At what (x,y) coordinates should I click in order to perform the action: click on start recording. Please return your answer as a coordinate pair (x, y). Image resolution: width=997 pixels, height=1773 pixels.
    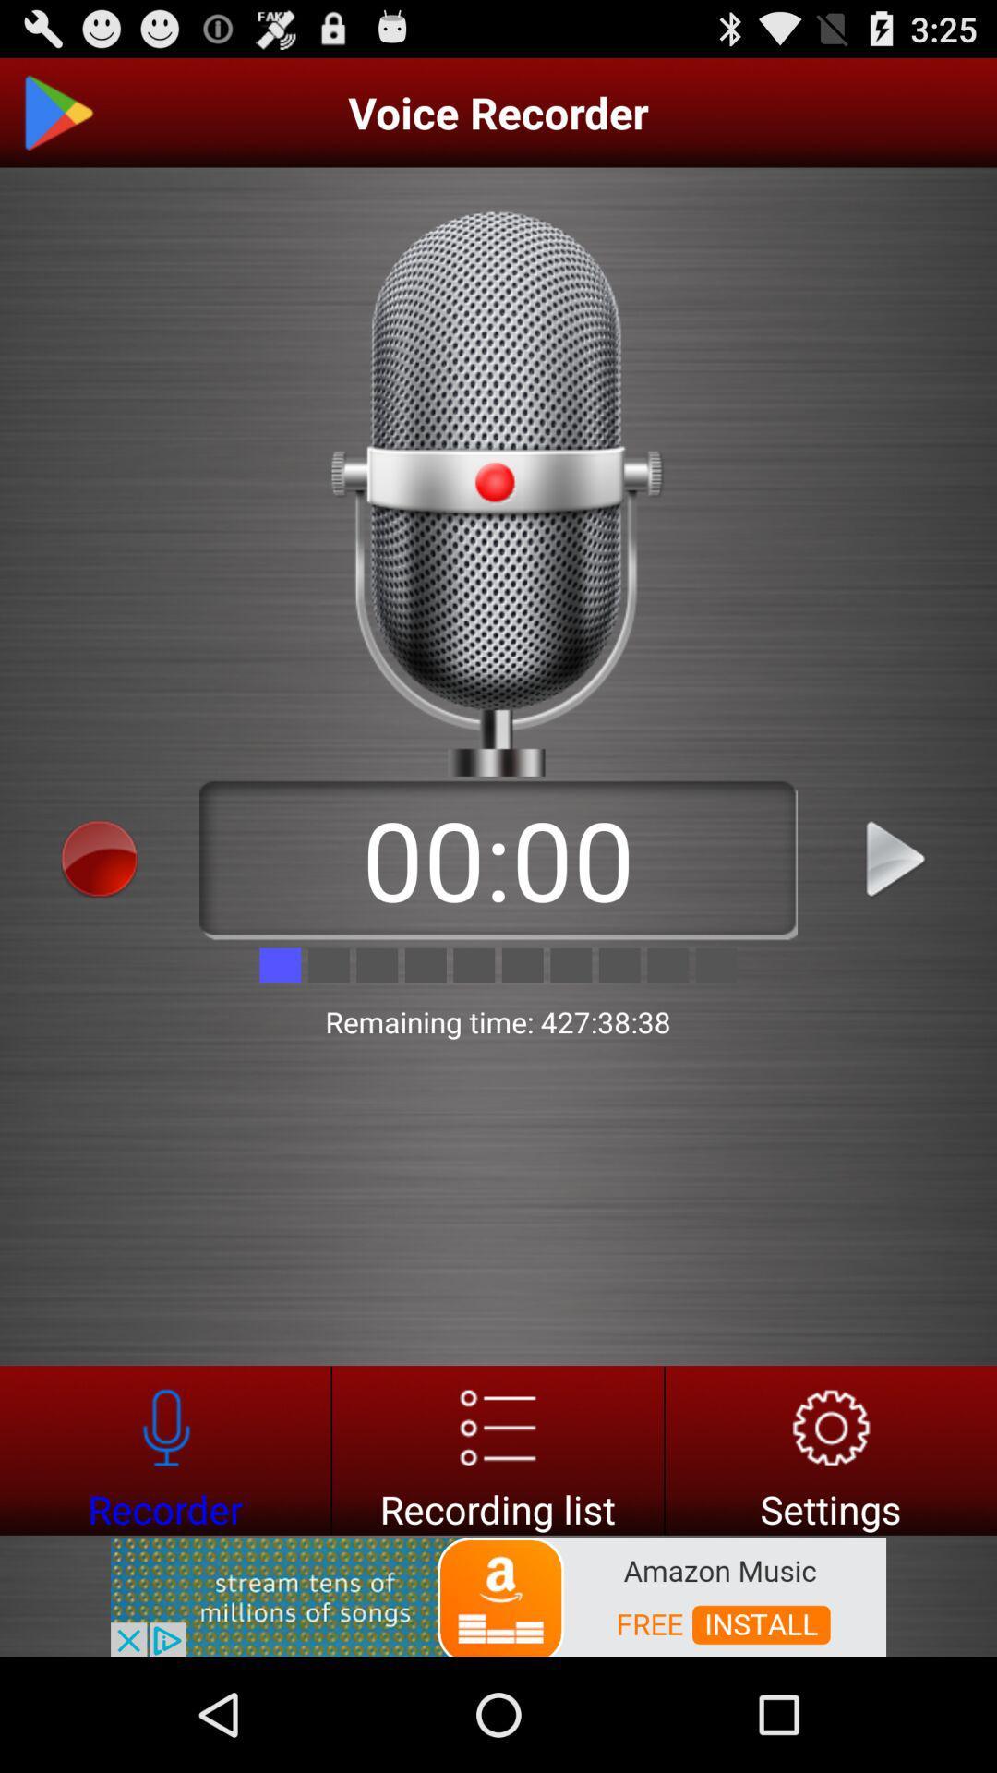
    Looking at the image, I should click on (100, 858).